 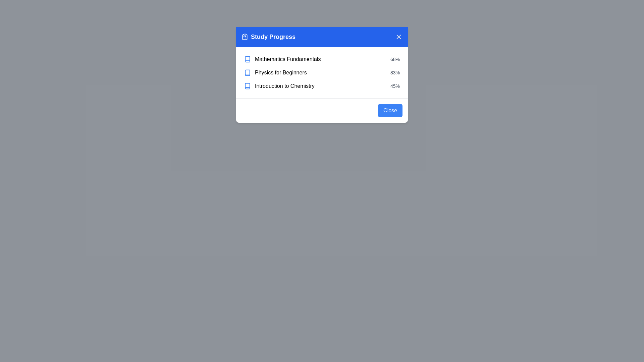 What do you see at coordinates (281, 72) in the screenshot?
I see `text label displaying 'Physics for Beginners' which is the second item in the vertical list of the modal titled 'Study Progress'` at bounding box center [281, 72].